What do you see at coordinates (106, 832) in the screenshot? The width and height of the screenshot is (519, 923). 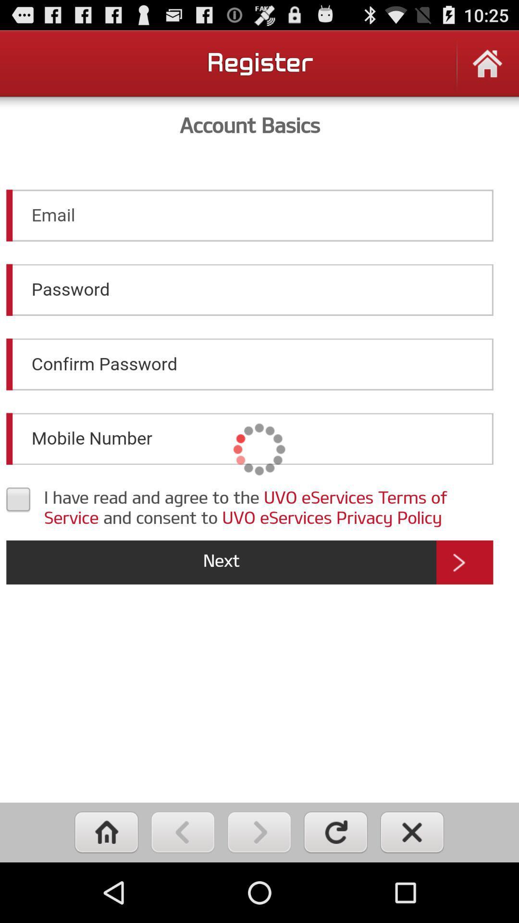 I see `main menu option` at bounding box center [106, 832].